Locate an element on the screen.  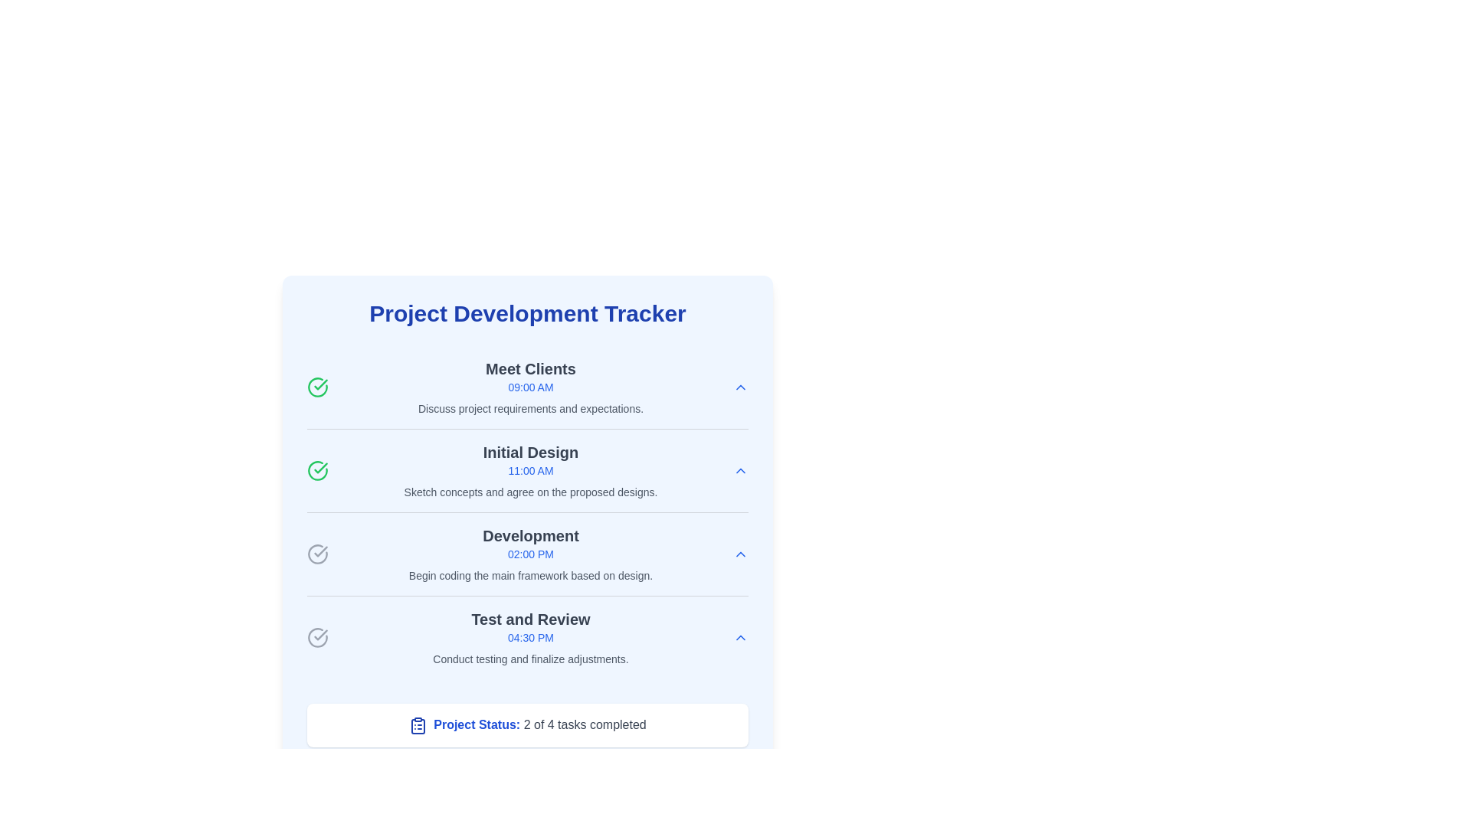
the visual indicator icon representing the state of completion for the 'Test and Review' task located near the bottom-left corner of the task list is located at coordinates (320, 635).